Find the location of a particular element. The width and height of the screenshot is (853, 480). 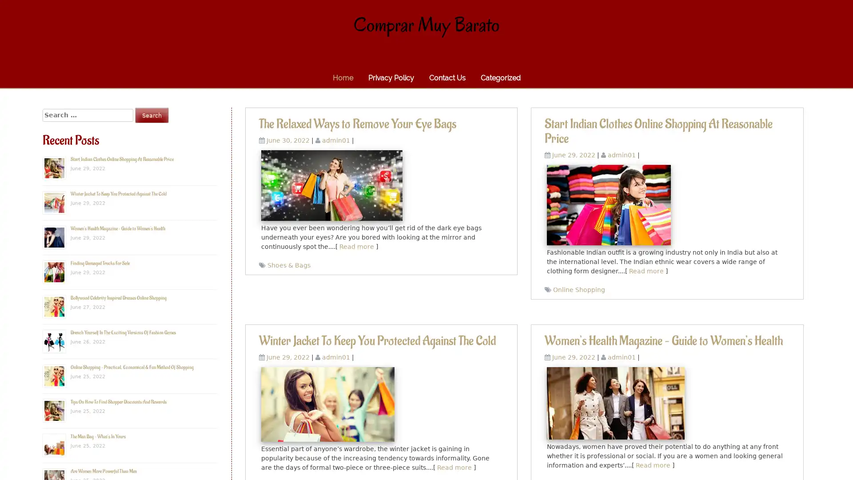

Search is located at coordinates (151, 115).